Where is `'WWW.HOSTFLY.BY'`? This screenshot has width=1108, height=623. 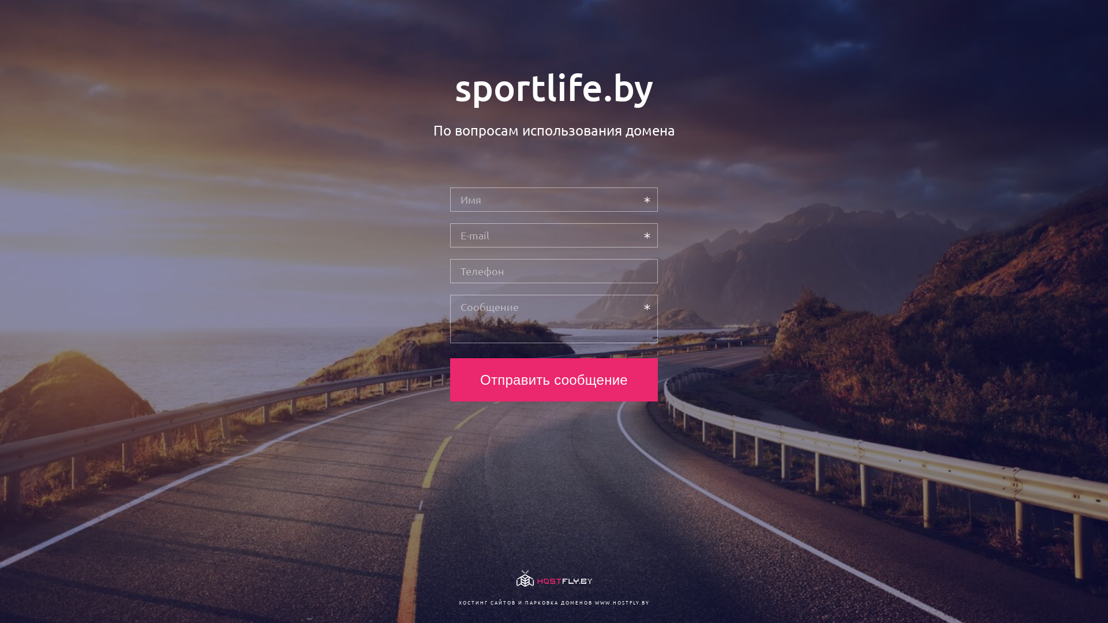
'WWW.HOSTFLY.BY' is located at coordinates (594, 602).